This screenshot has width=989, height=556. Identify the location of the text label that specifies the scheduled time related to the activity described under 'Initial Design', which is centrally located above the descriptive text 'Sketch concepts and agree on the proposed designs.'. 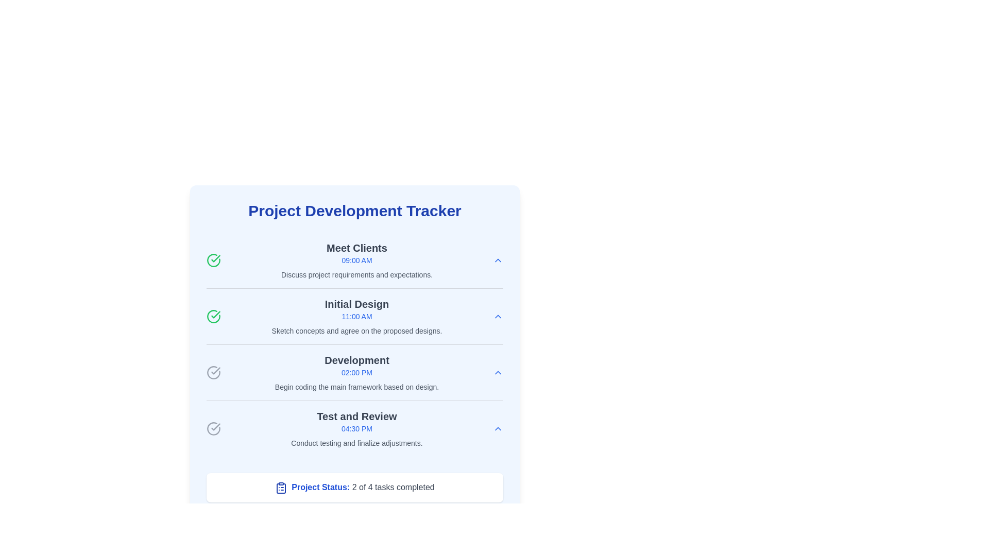
(356, 316).